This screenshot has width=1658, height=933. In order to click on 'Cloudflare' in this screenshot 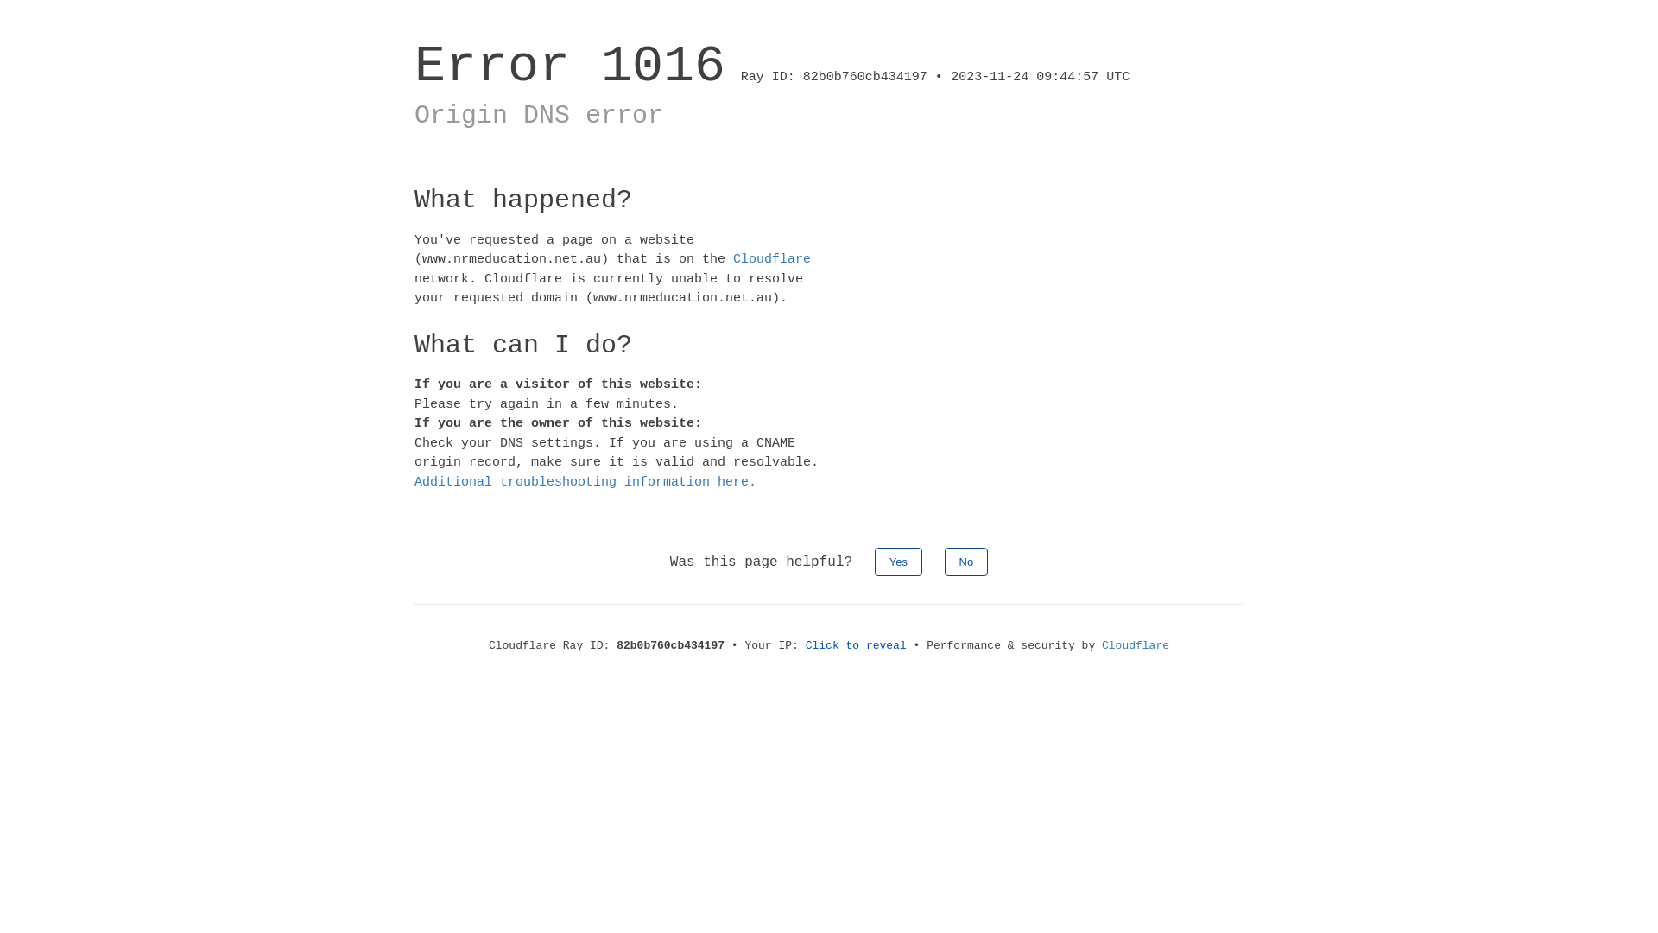, I will do `click(770, 259)`.